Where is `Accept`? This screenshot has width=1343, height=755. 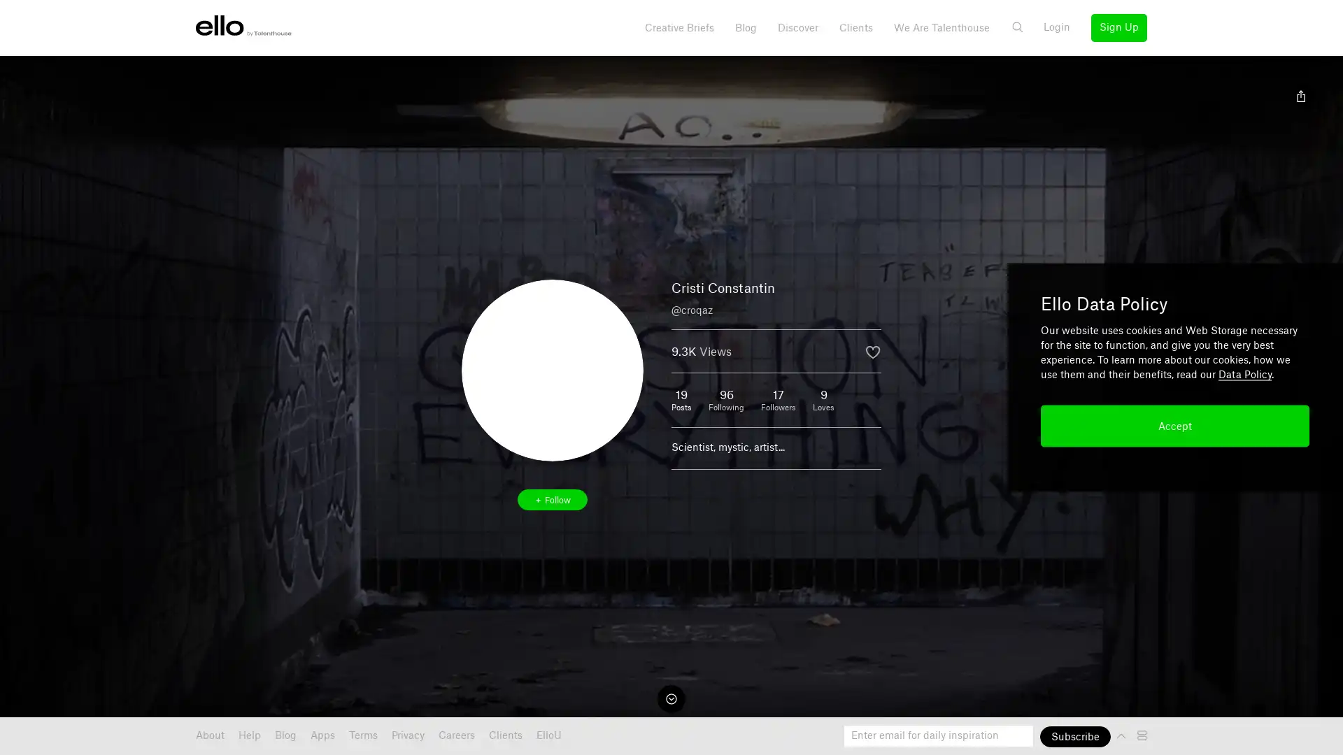
Accept is located at coordinates (1175, 425).